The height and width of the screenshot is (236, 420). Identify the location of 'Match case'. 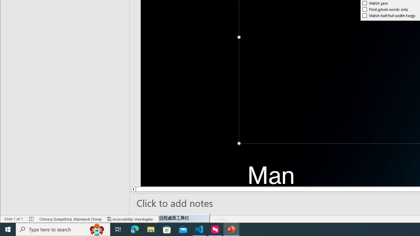
(375, 3).